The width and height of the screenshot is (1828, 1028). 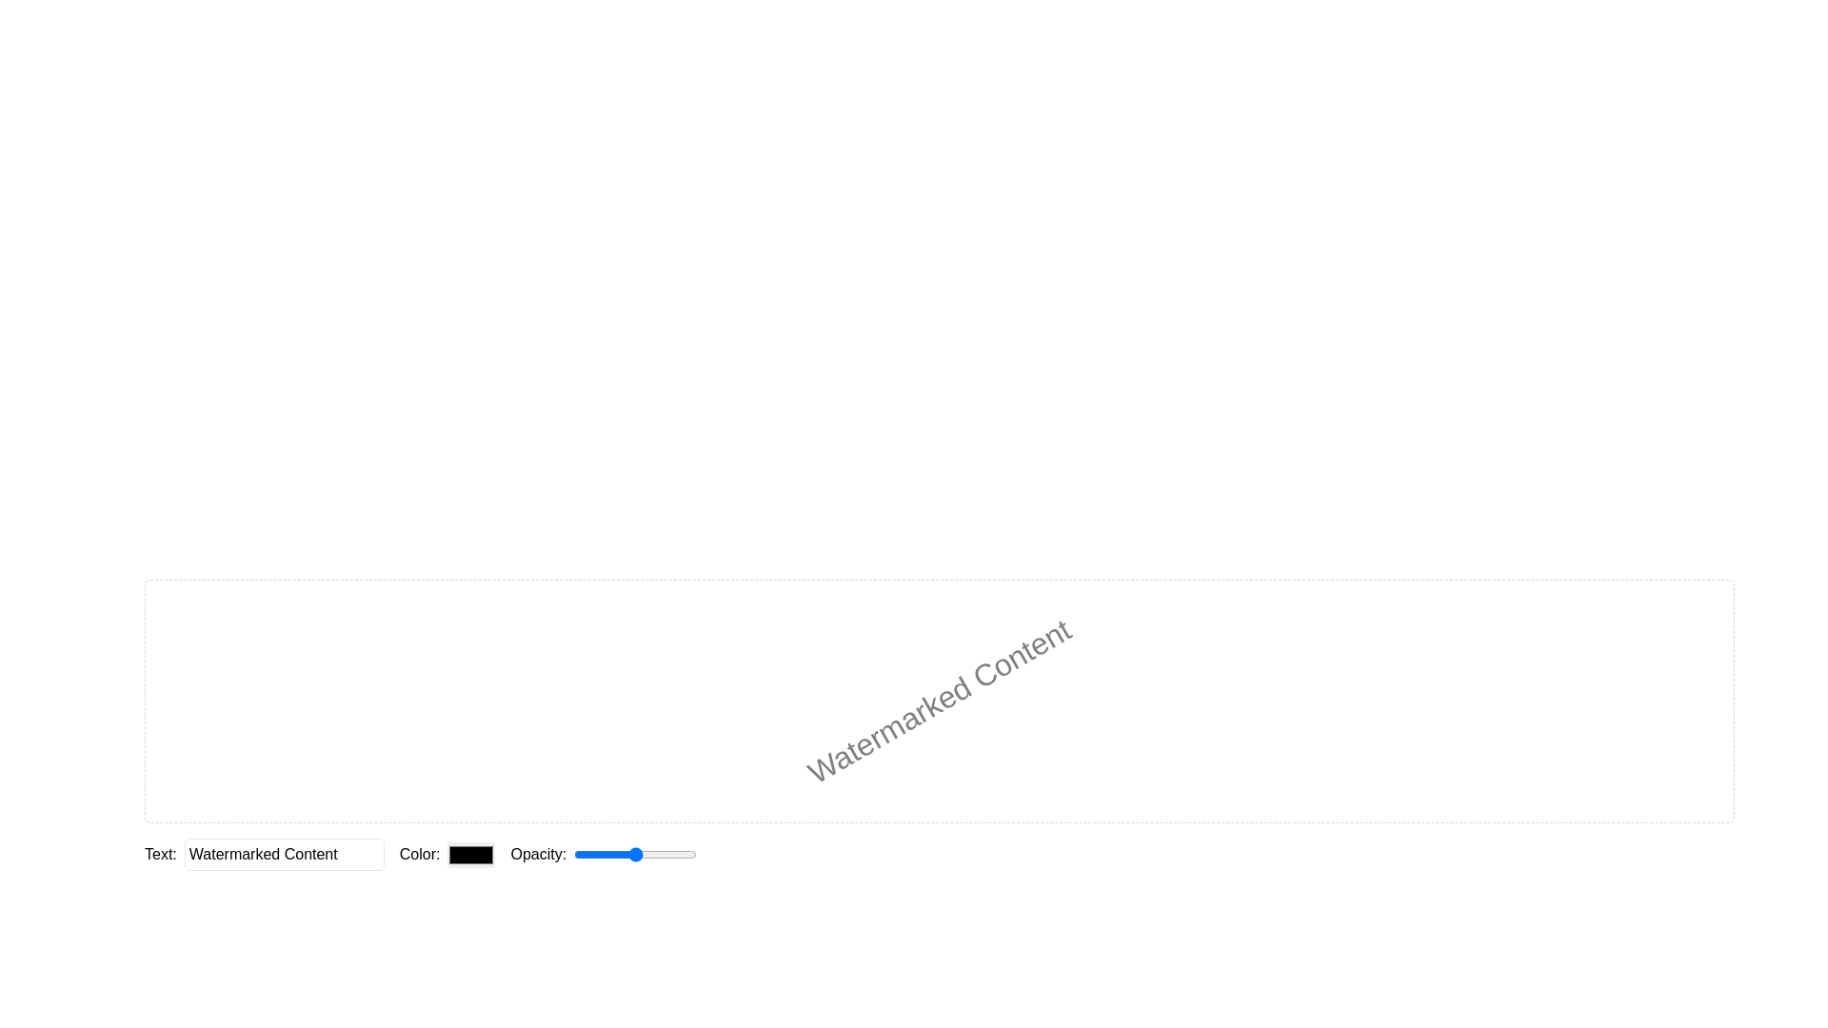 What do you see at coordinates (471, 854) in the screenshot?
I see `the color picker input box, which is rectangular with a black fill, located to the right of the label 'Color:'` at bounding box center [471, 854].